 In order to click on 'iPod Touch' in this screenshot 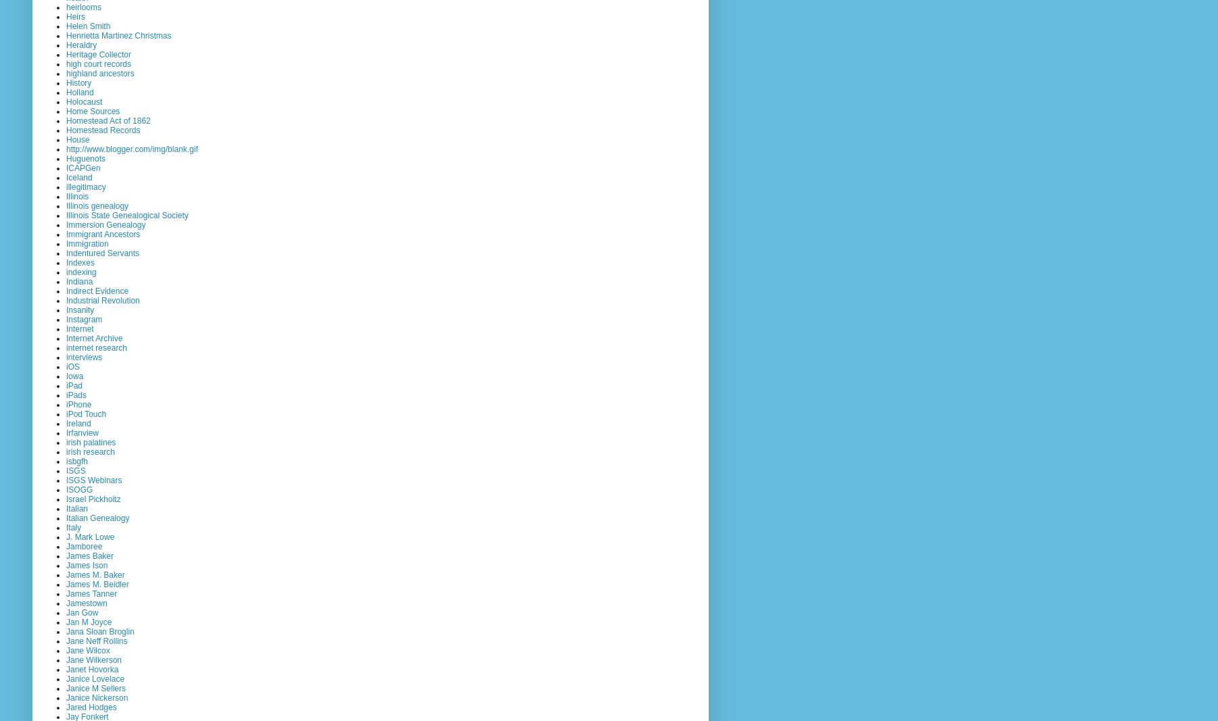, I will do `click(86, 414)`.